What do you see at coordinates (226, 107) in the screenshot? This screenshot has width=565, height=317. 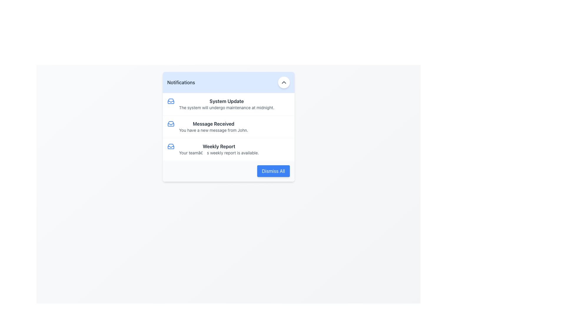 I see `information displayed in the text string 'The system will undergo maintenance at midnight.' which is positioned directly below the bold text 'System Update' in the notification entry` at bounding box center [226, 107].